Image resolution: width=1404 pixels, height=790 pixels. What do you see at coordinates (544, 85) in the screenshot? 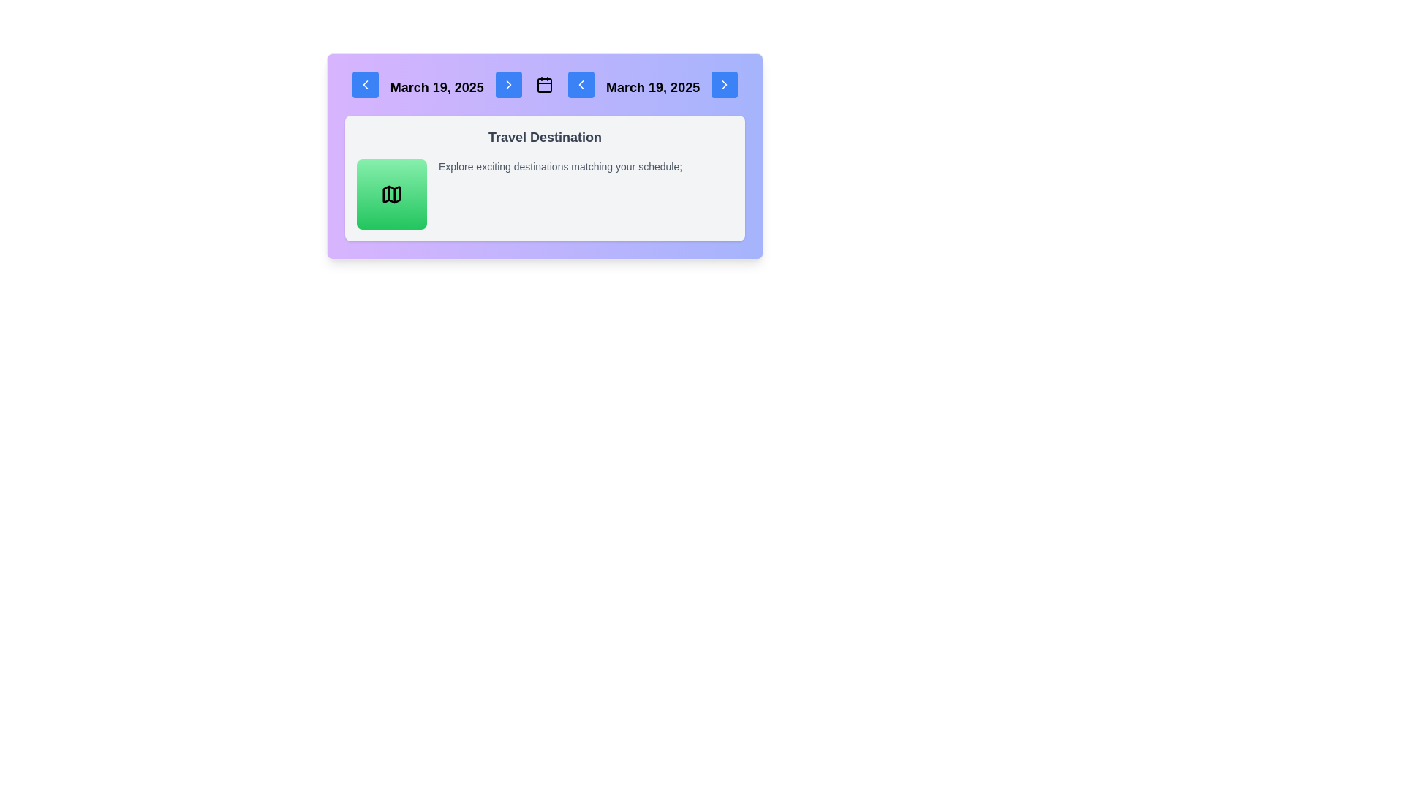
I see `the Decorative component within the SVG-based calendar icon, which is a square with rounded corners located centrally in the top section of the UI` at bounding box center [544, 85].